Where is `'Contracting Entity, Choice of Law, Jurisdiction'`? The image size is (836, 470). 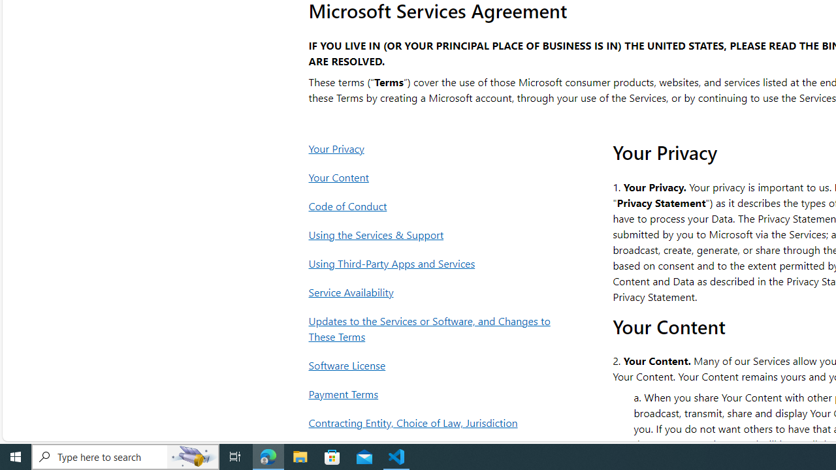 'Contracting Entity, Choice of Law, Jurisdiction' is located at coordinates (433, 422).